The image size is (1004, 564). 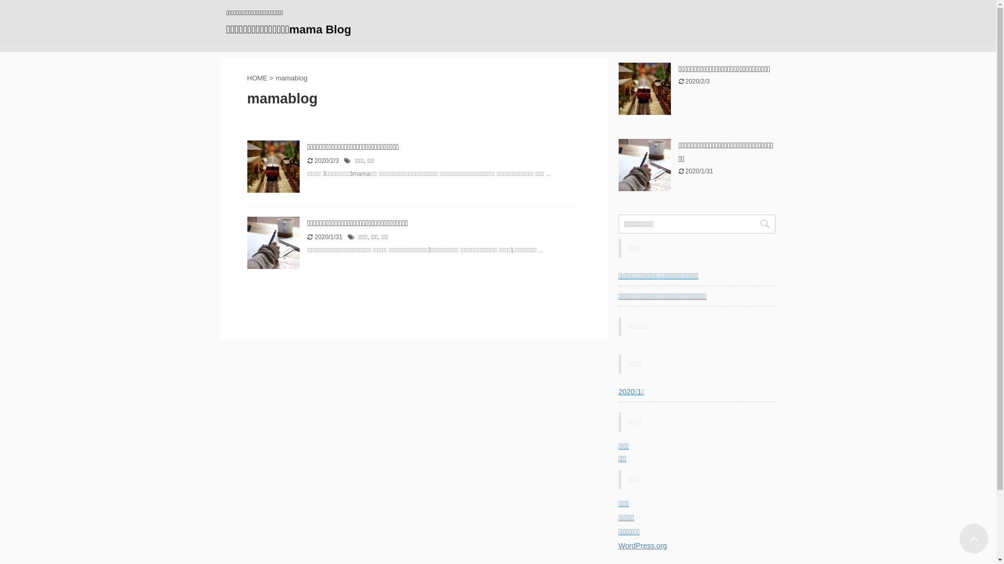 I want to click on 'HOME', so click(x=257, y=77).